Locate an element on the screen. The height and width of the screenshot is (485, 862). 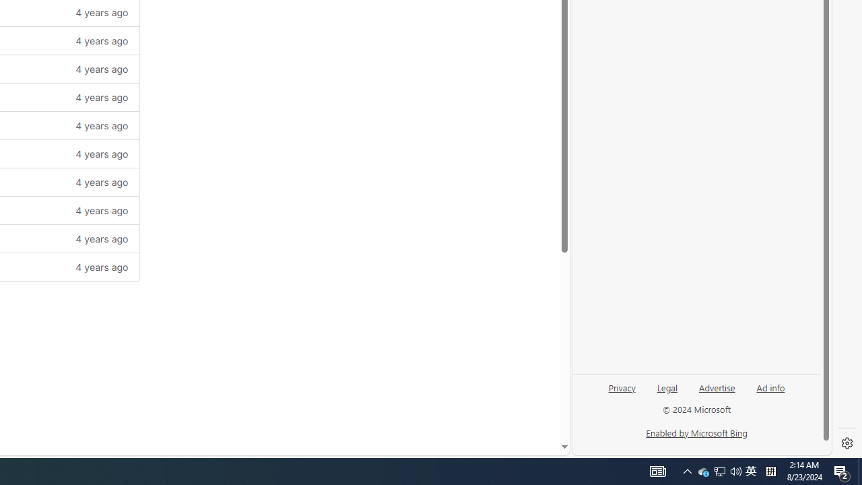
'Ad info' is located at coordinates (770, 393).